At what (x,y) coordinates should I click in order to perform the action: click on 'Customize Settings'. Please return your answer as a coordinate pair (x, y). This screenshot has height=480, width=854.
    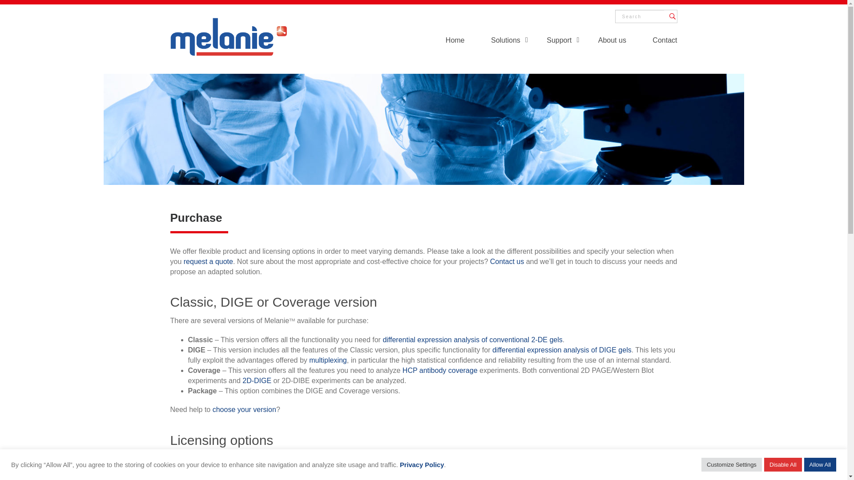
    Looking at the image, I should click on (732, 464).